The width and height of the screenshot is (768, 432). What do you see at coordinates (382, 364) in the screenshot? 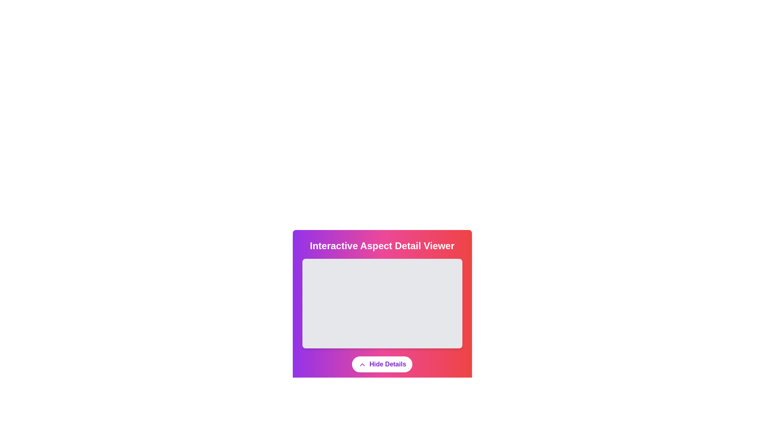
I see `the white button with rounded rectangular shape that has purple text reading 'Hide Details' and an upward-pointing chevron icon` at bounding box center [382, 364].